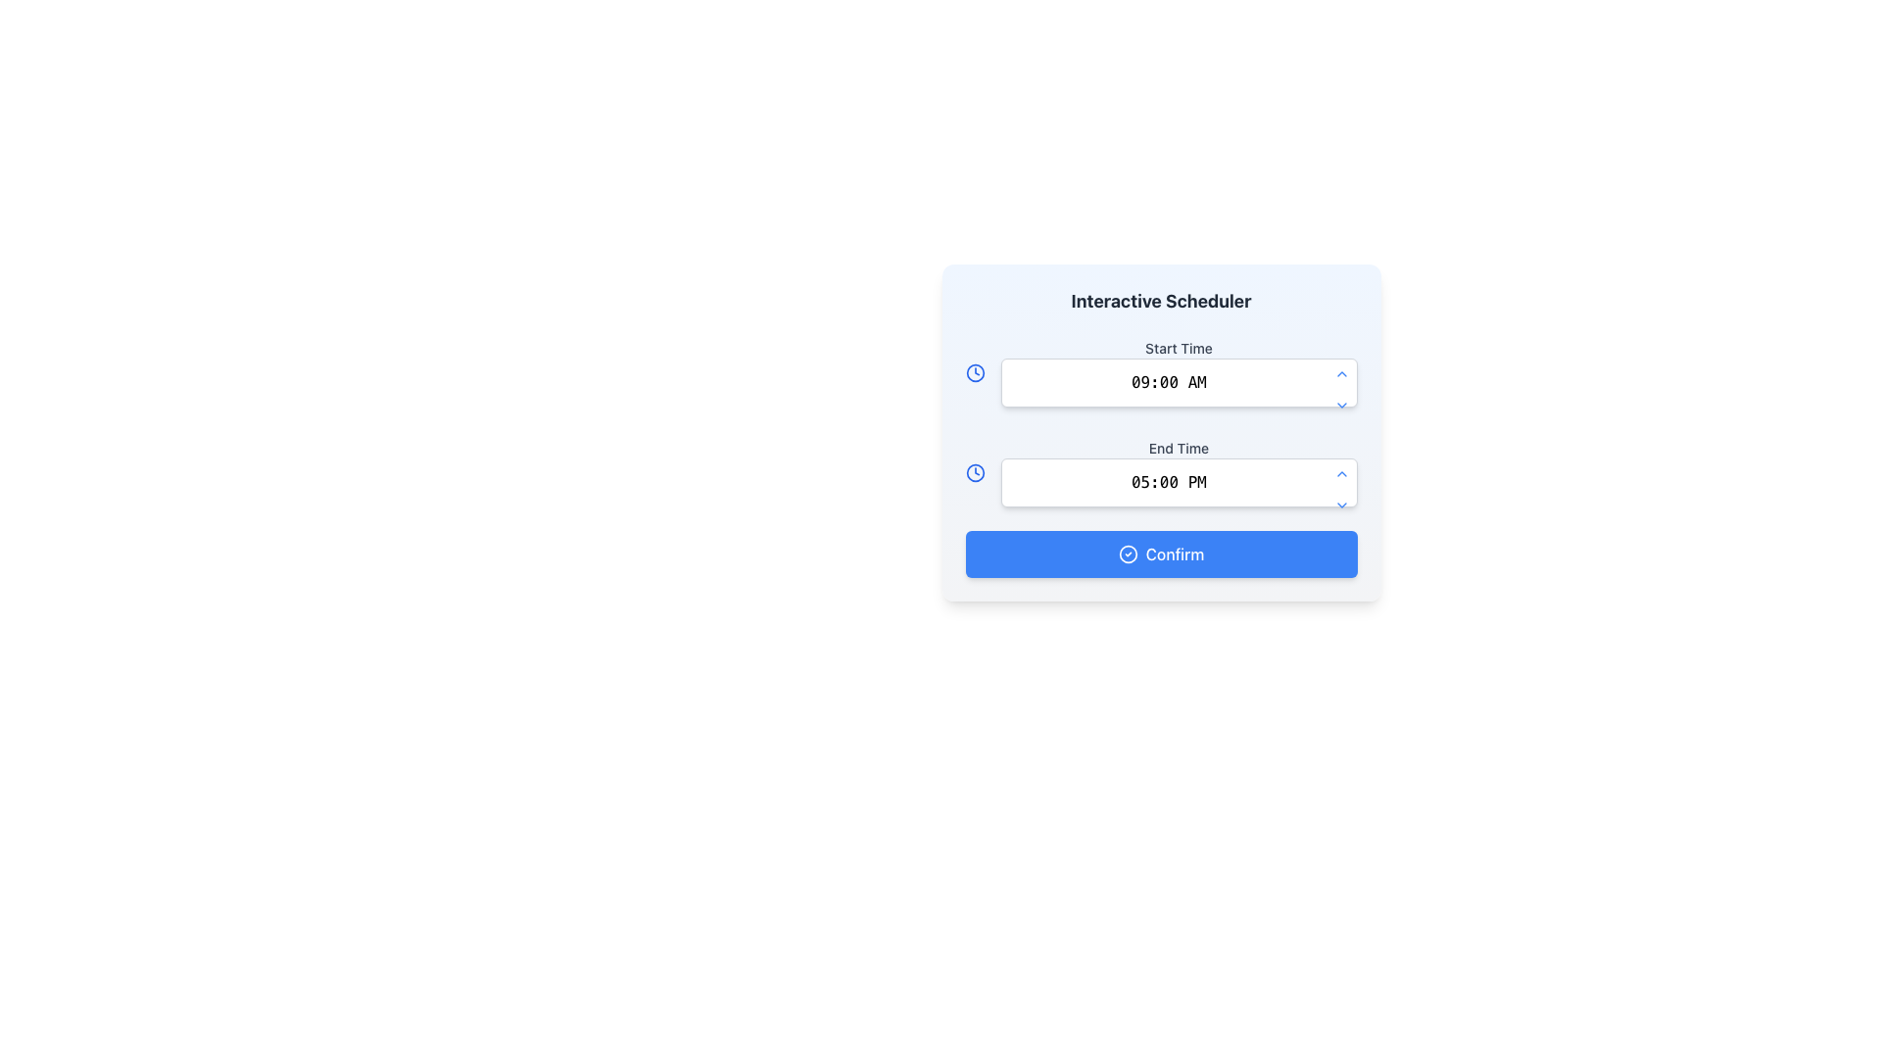 This screenshot has height=1058, width=1881. What do you see at coordinates (1178, 382) in the screenshot?
I see `the text input field for setting the start time in the Interactive Scheduler to invoke the time picker dialog` at bounding box center [1178, 382].